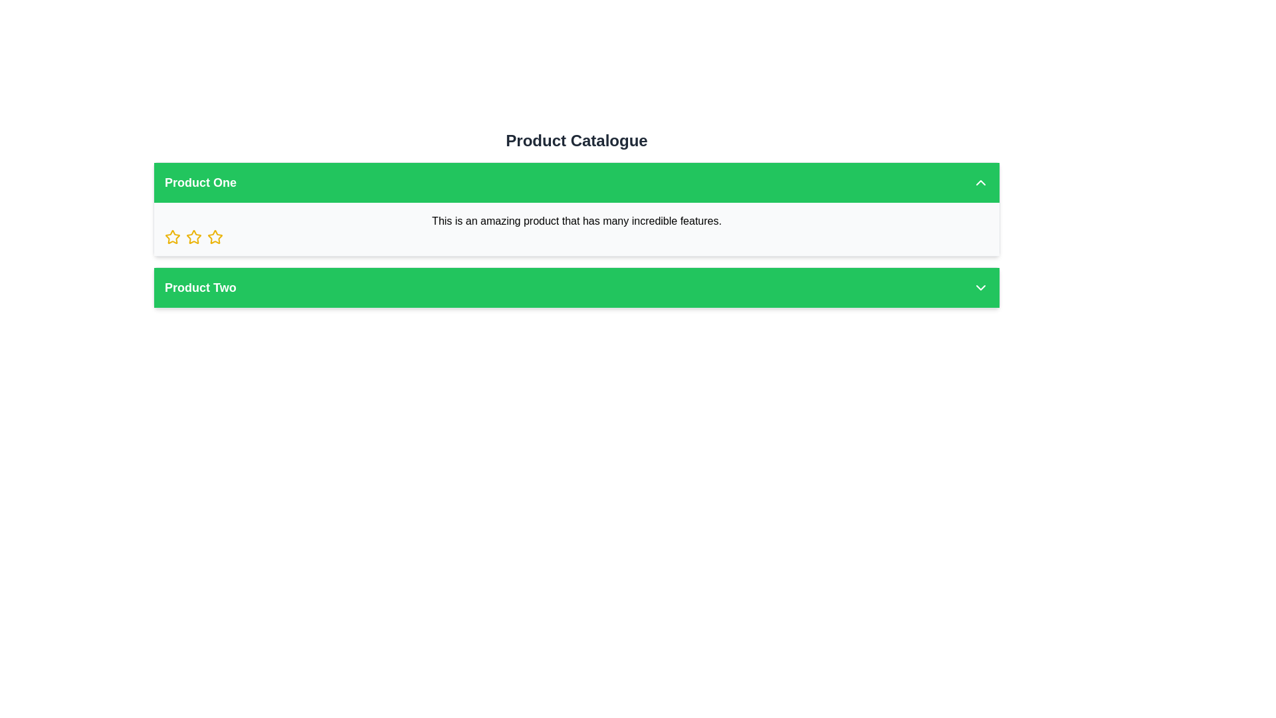  I want to click on the third yellow star rating icon used for rating systems, located below the 'Product One' header, so click(215, 236).